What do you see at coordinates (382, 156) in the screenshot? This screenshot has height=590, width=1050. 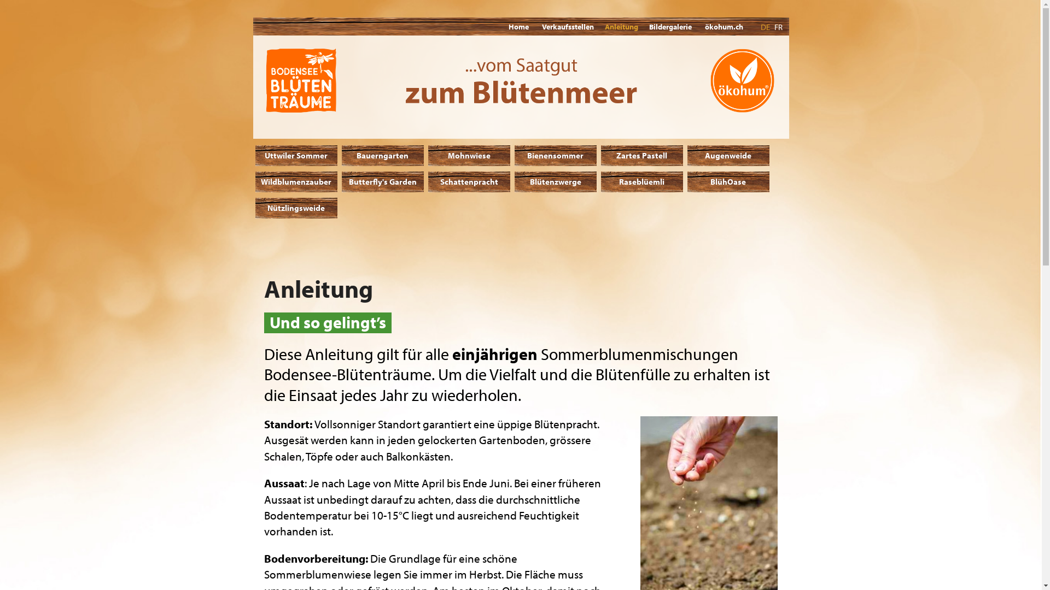 I see `'Bauerngarten'` at bounding box center [382, 156].